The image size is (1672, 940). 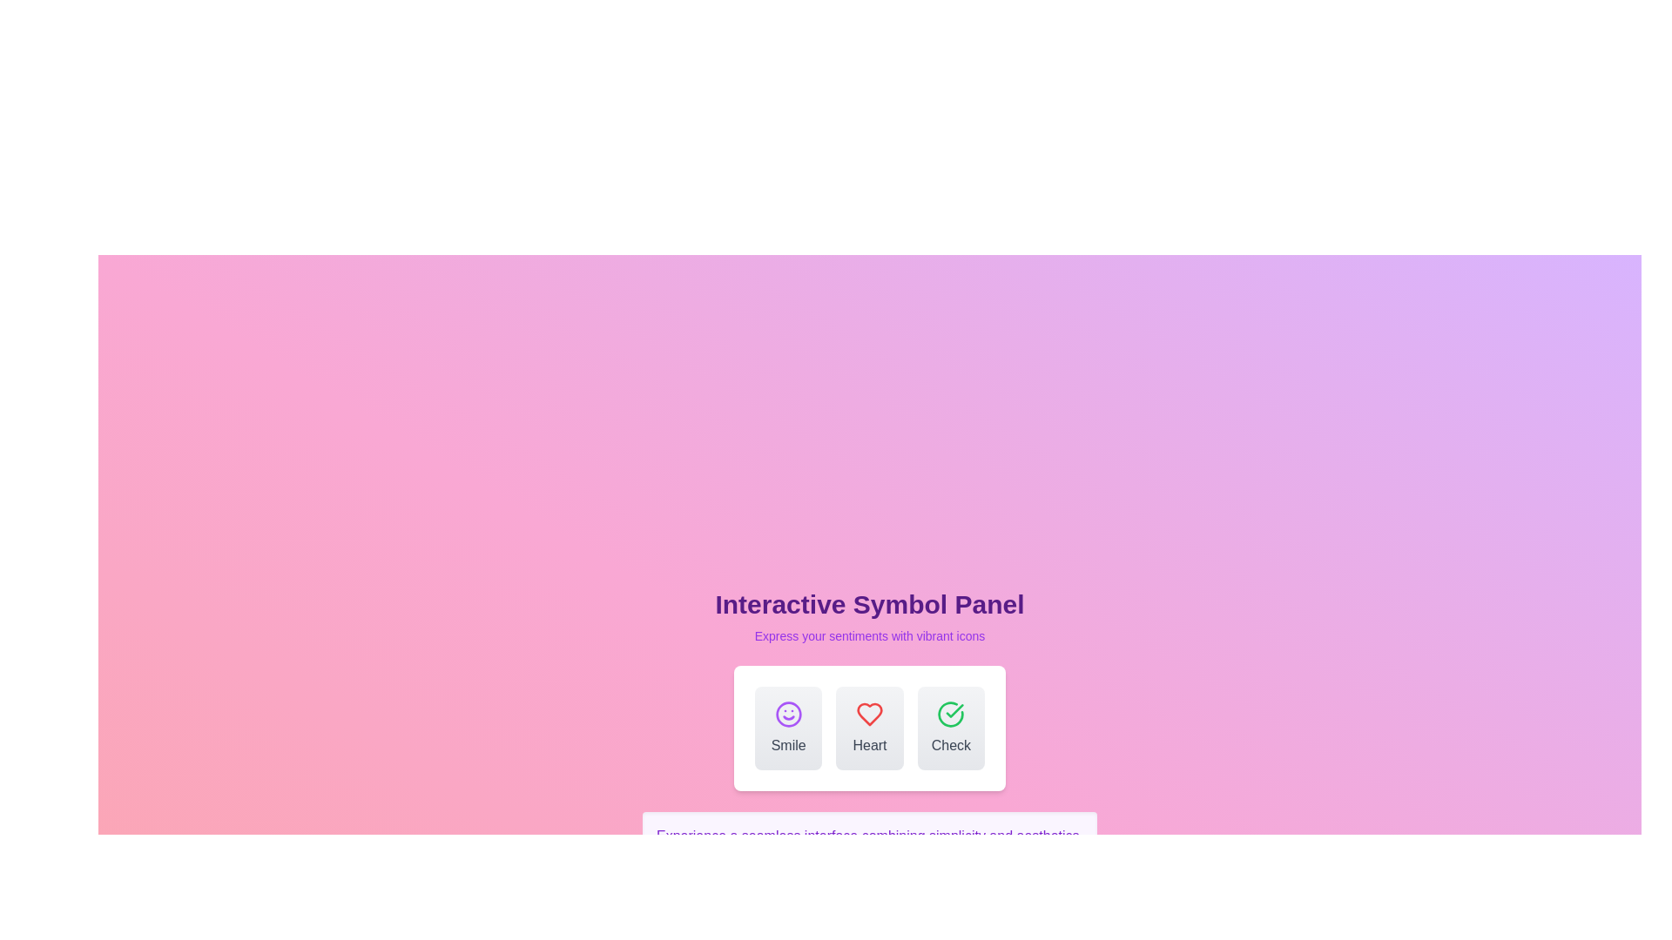 I want to click on the text label displaying the word 'Heart', which is styled with medium font weight and gray color, located below the red heart icon in the vertical layout, so click(x=869, y=744).